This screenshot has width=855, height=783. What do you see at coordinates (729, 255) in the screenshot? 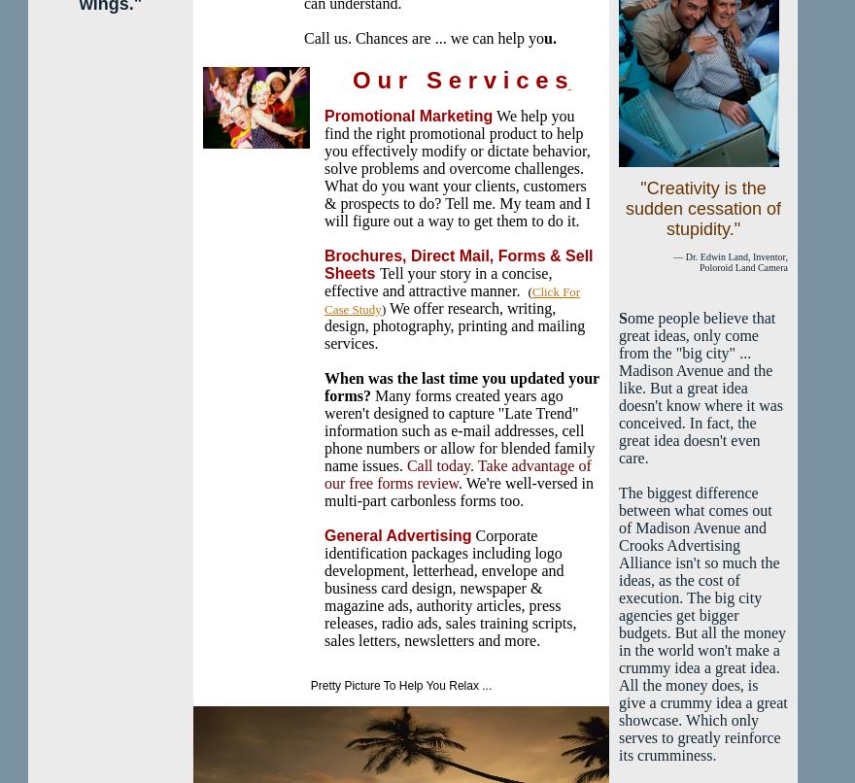
I see `'— Dr. Edwin Land, Inventor,'` at bounding box center [729, 255].